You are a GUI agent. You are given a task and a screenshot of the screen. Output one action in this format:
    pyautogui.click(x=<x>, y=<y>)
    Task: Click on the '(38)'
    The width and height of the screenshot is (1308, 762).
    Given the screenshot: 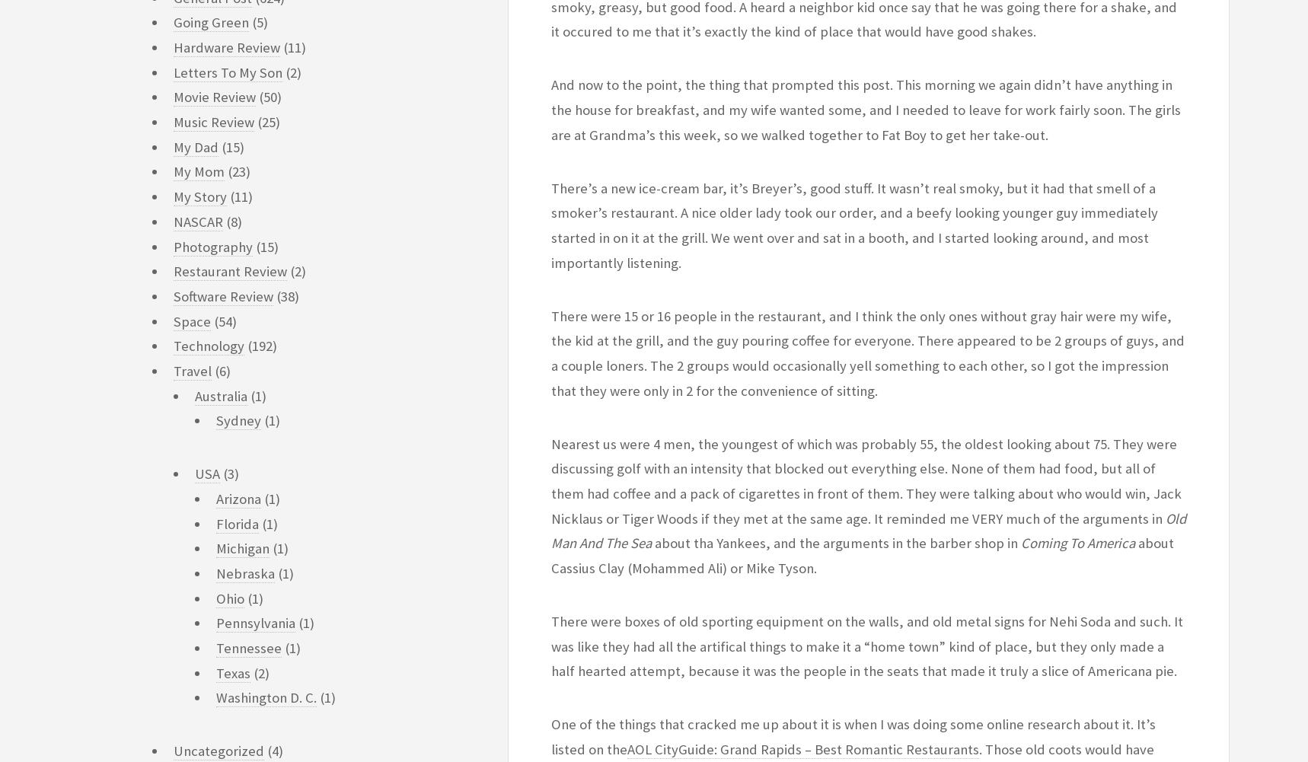 What is the action you would take?
    pyautogui.click(x=286, y=295)
    